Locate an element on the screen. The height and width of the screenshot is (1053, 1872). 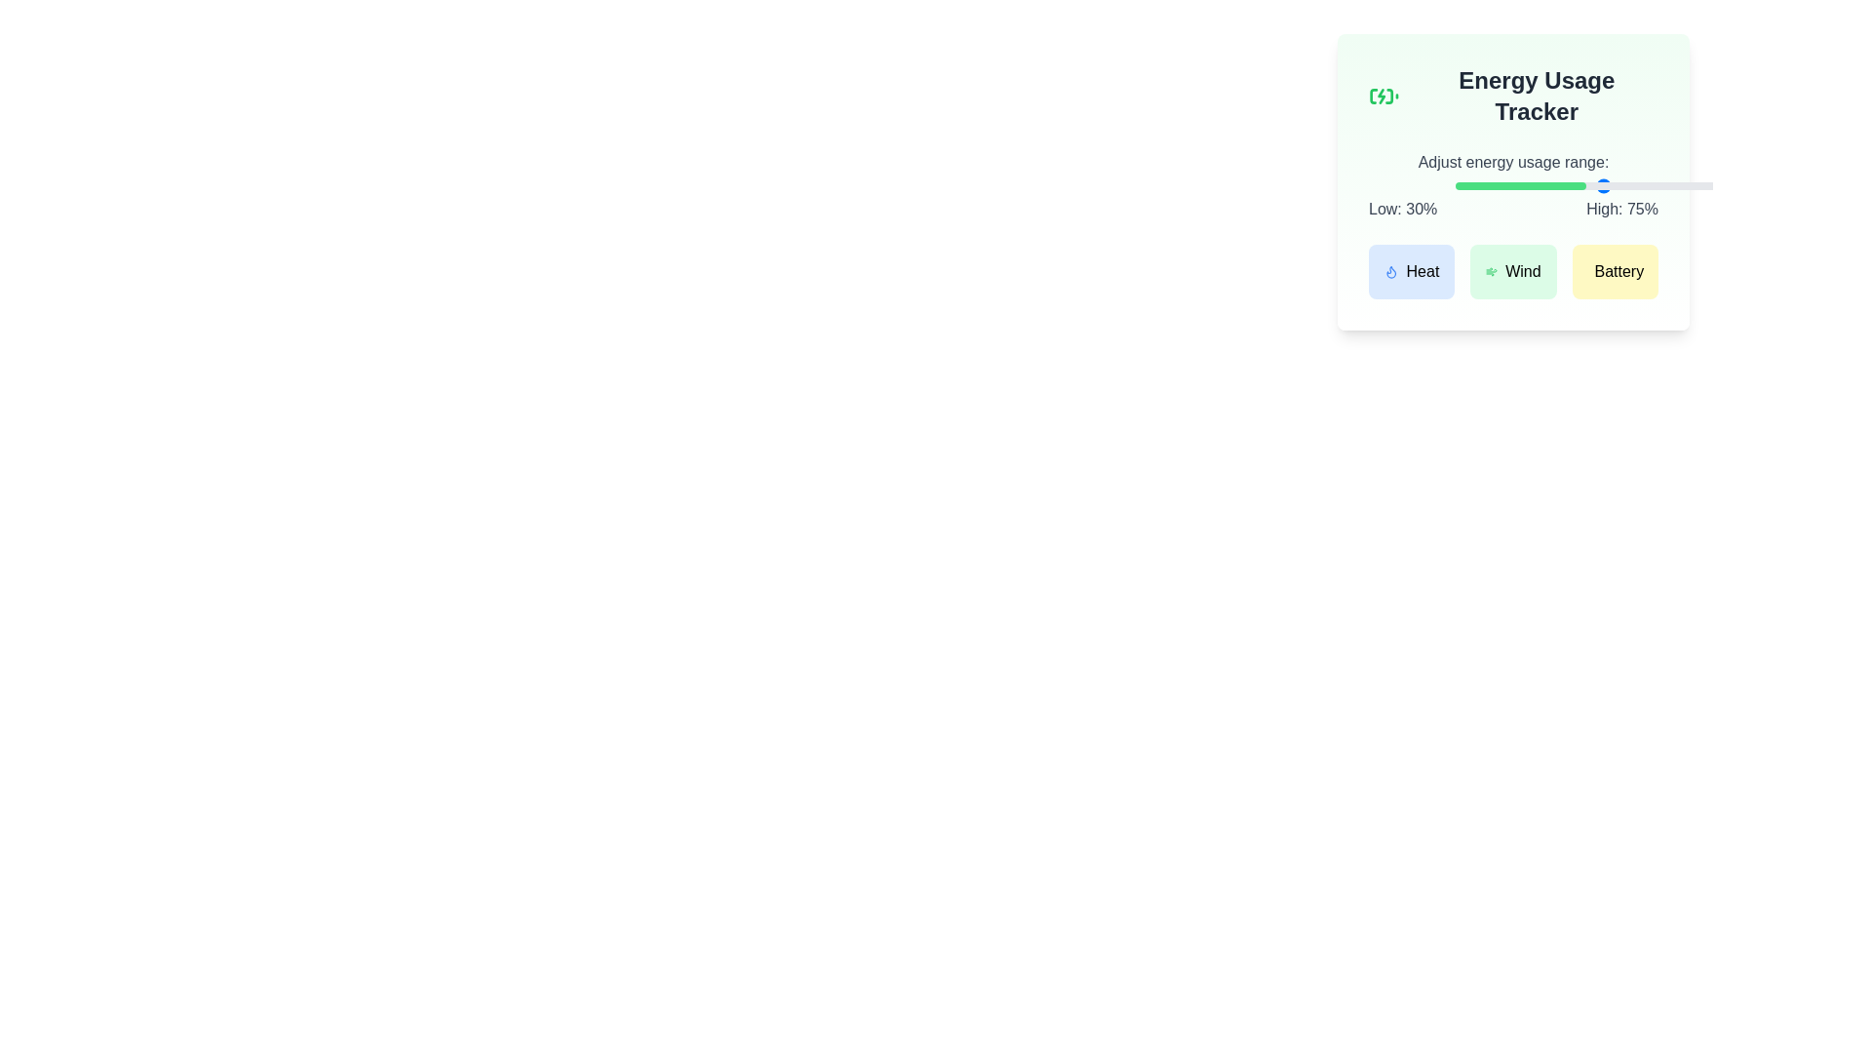
the static text label within the button for 'Wind' energy, located between the 'Heat' (blue) and 'Battery' (yellow) buttons in the Energy Usage Tracker card is located at coordinates (1522, 271).